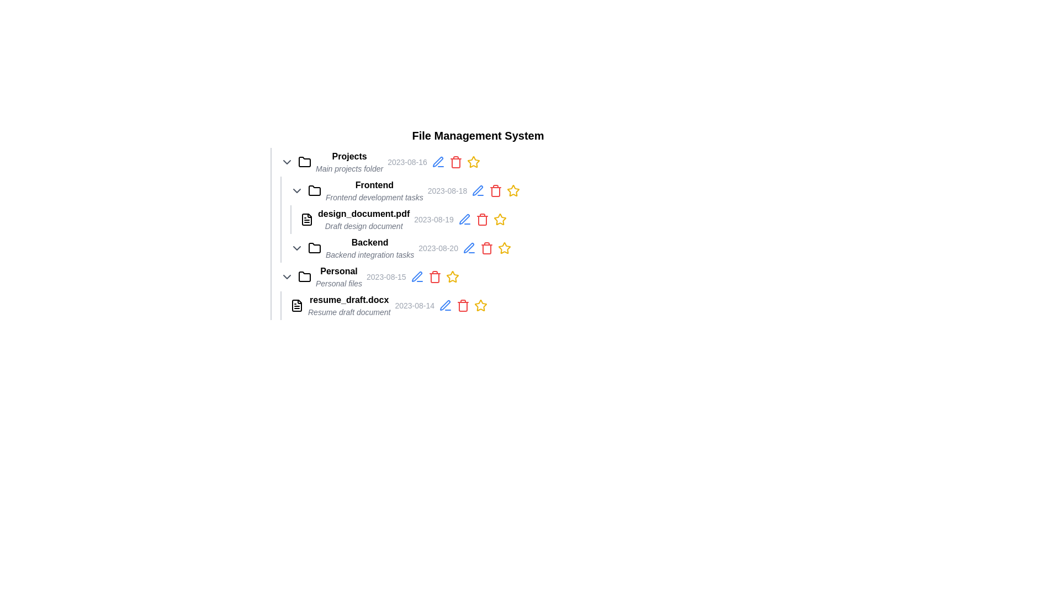 The width and height of the screenshot is (1060, 596). What do you see at coordinates (305, 162) in the screenshot?
I see `the folder icon located directly to the left of the 'Projects' label in the file tree, which visually indicates a folder in the hierarchy` at bounding box center [305, 162].